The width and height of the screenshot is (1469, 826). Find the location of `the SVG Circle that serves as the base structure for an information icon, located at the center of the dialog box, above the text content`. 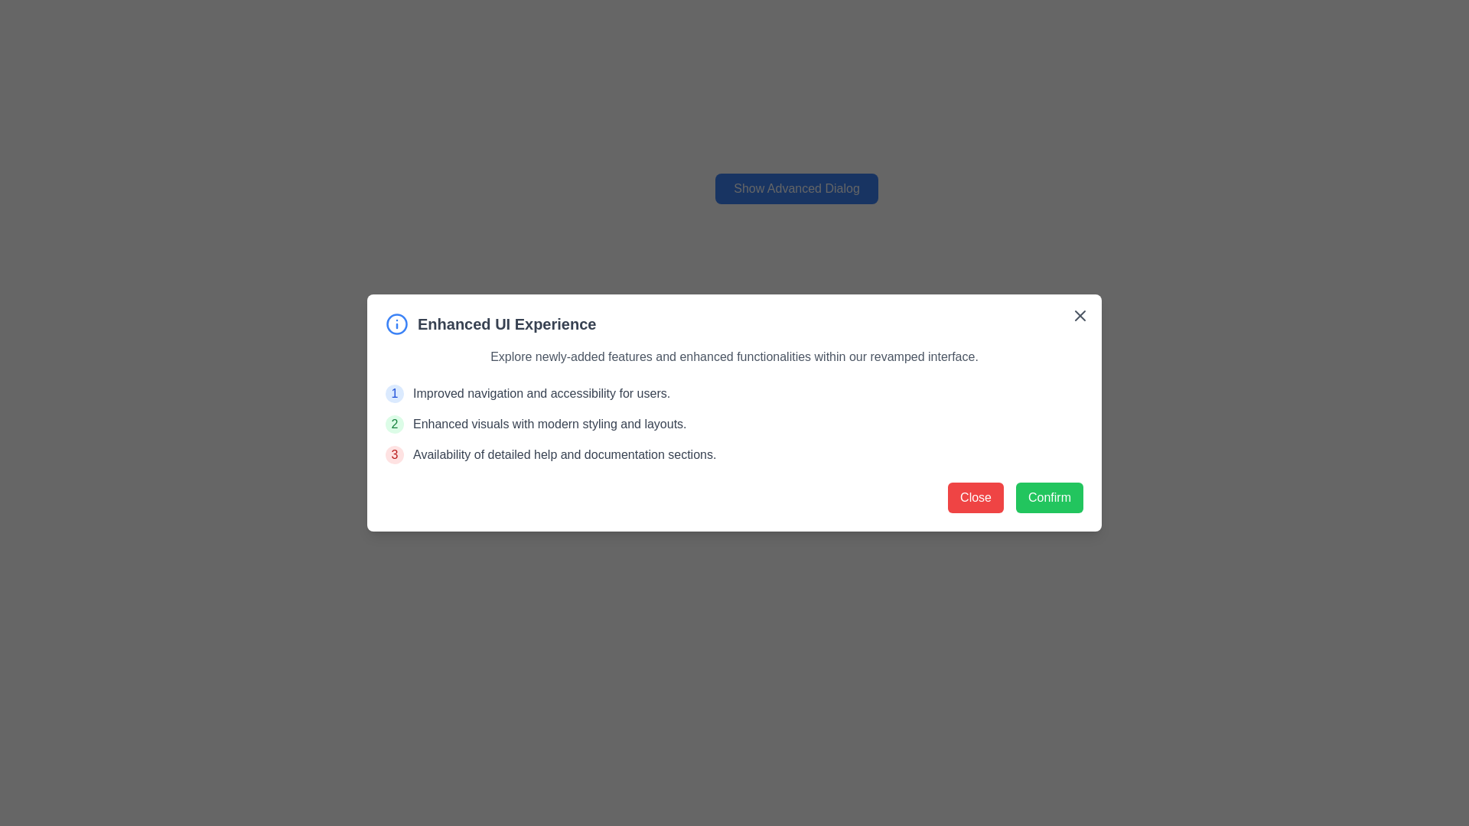

the SVG Circle that serves as the base structure for an information icon, located at the center of the dialog box, above the text content is located at coordinates (396, 324).